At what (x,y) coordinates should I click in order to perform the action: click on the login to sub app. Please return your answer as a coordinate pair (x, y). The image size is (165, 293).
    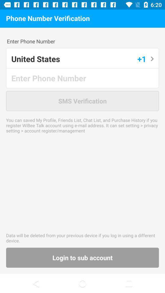
    Looking at the image, I should click on (82, 257).